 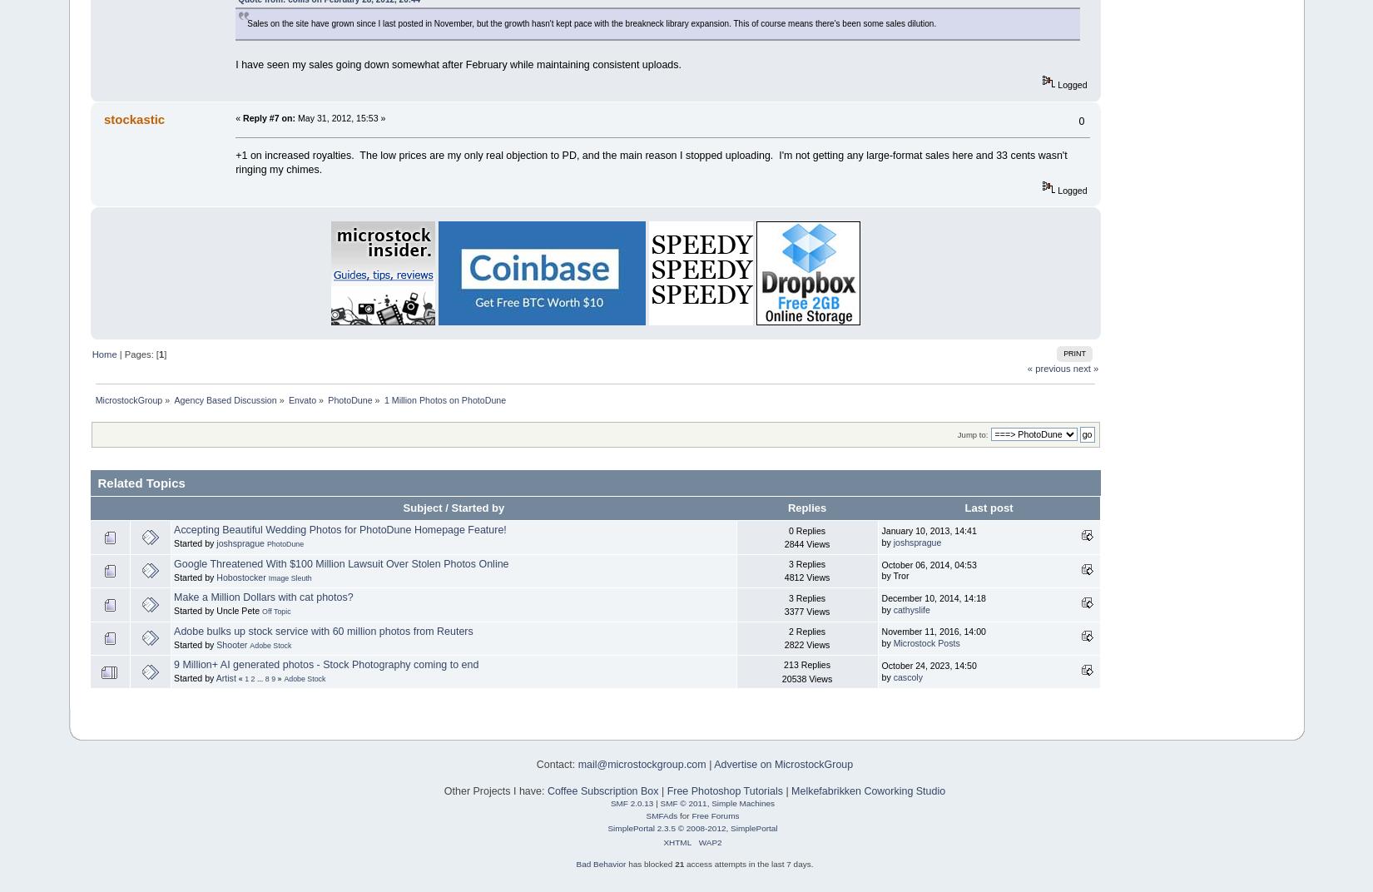 I want to click on 'Related Topics', so click(x=141, y=481).